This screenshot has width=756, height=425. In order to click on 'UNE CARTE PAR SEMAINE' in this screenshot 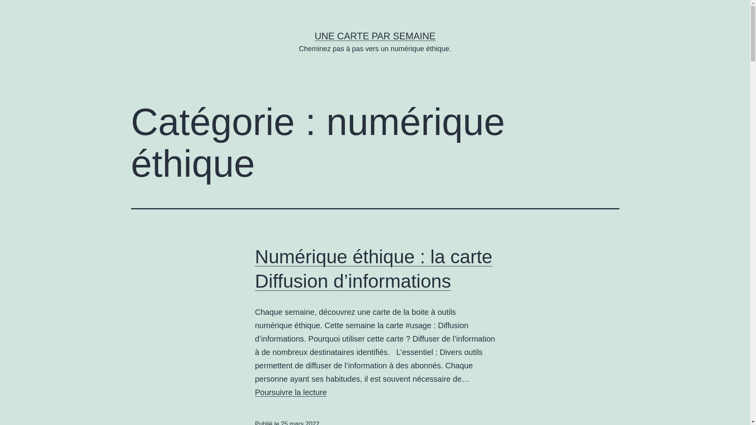, I will do `click(374, 36)`.